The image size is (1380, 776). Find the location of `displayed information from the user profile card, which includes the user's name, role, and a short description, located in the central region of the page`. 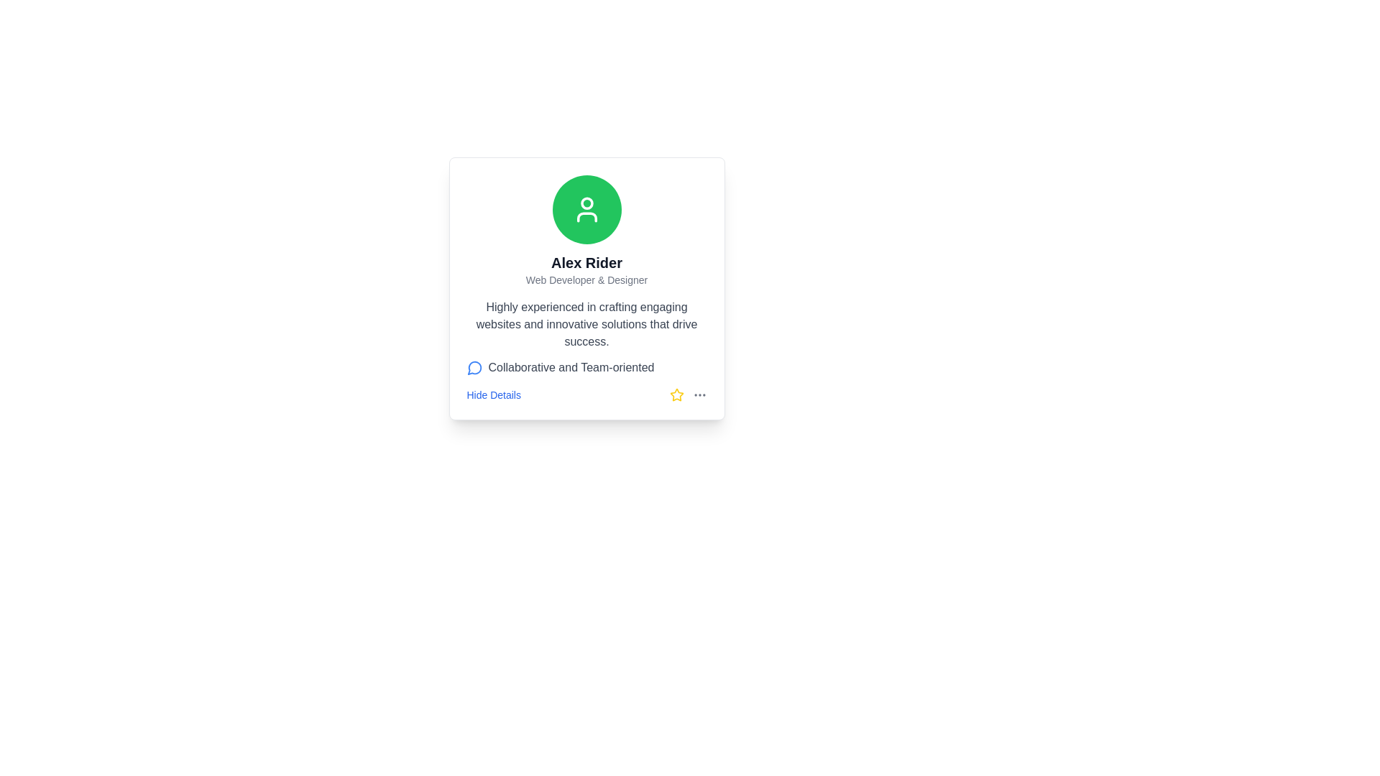

displayed information from the user profile card, which includes the user's name, role, and a short description, located in the central region of the page is located at coordinates (586, 288).